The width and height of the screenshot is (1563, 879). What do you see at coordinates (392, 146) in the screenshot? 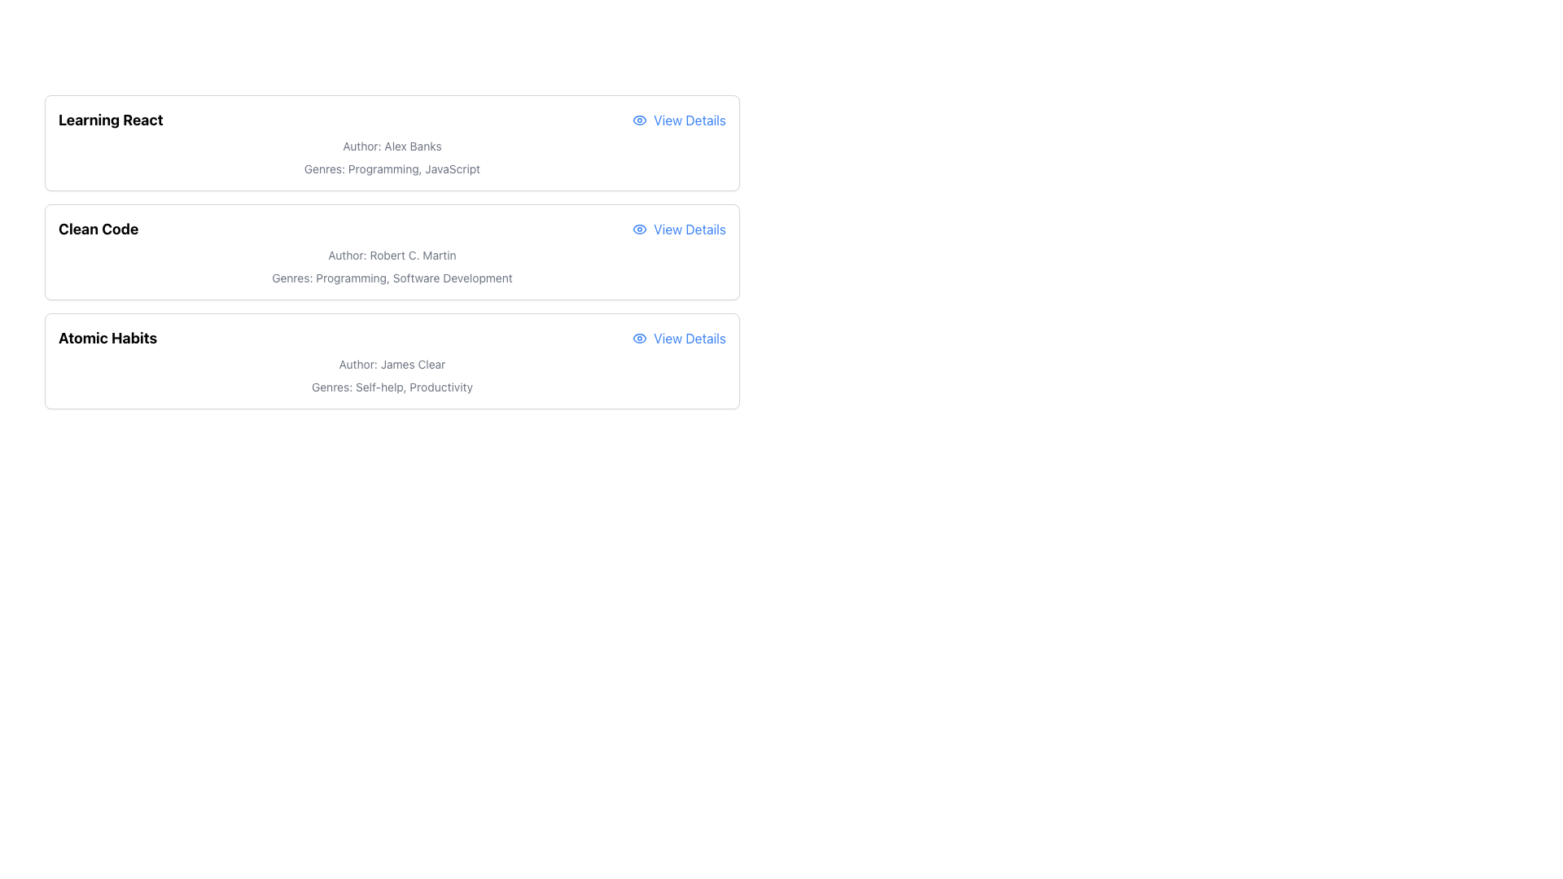
I see `the text label displaying 'Author: Alex Banks', which is styled in a small gray font and positioned below the title 'Learning React' and above the genre description` at bounding box center [392, 146].